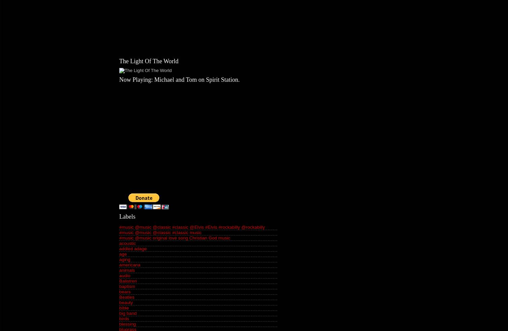 The image size is (508, 331). Describe the element at coordinates (127, 243) in the screenshot. I see `'acoustic'` at that location.